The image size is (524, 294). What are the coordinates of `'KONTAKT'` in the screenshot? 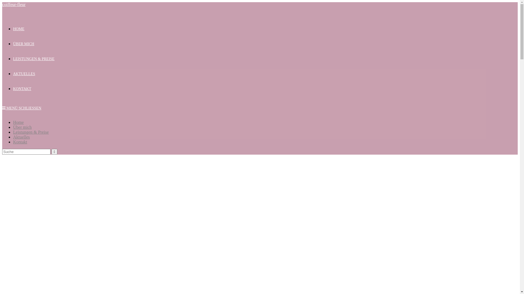 It's located at (22, 88).